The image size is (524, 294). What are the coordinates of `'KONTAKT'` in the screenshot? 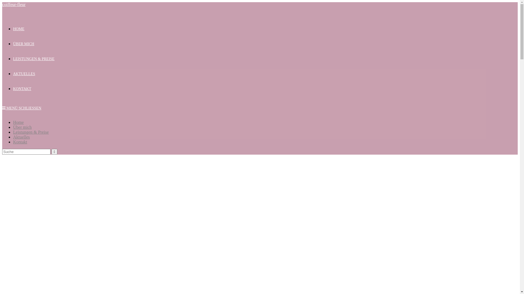 It's located at (22, 88).